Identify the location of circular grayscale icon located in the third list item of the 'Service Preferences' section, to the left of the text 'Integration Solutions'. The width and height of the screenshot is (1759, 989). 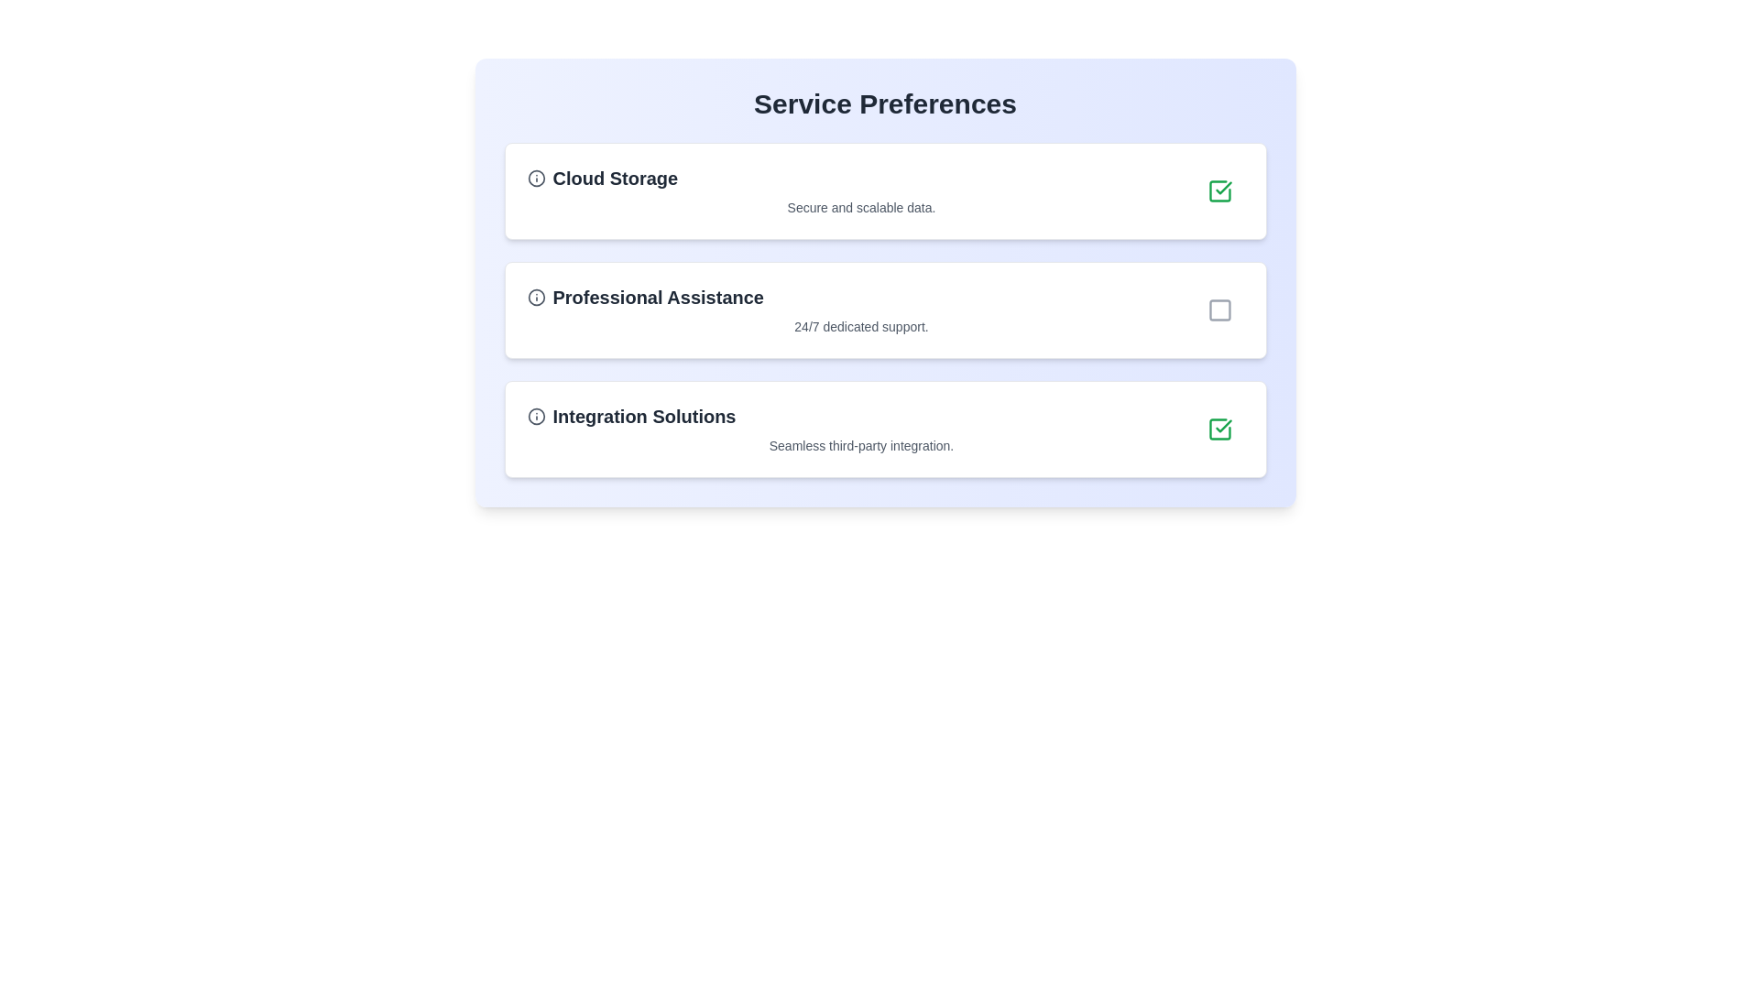
(535, 417).